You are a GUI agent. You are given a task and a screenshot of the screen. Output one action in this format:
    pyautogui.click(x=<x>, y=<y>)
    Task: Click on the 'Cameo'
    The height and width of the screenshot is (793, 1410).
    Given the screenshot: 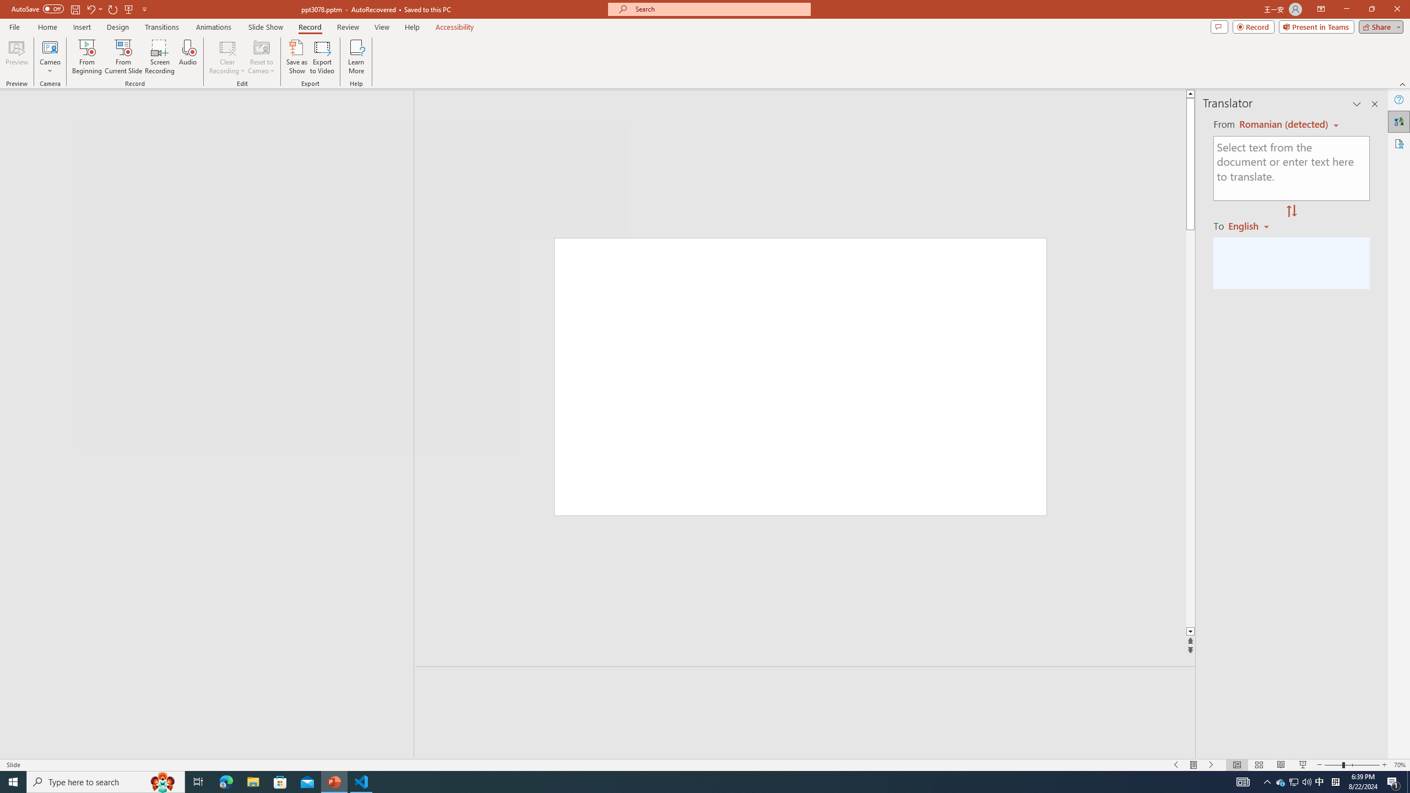 What is the action you would take?
    pyautogui.click(x=49, y=46)
    